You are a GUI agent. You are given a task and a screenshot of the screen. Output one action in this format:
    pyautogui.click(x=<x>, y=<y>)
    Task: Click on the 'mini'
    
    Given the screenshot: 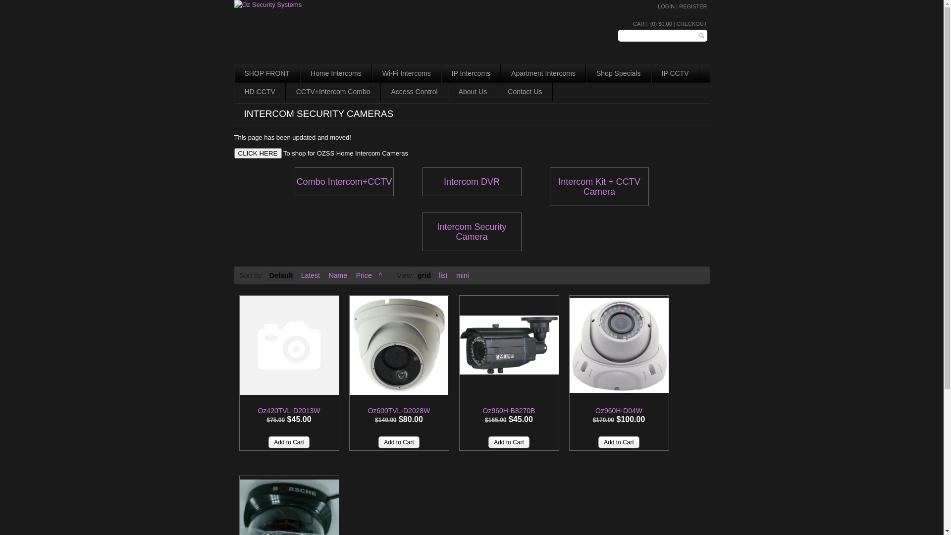 What is the action you would take?
    pyautogui.click(x=462, y=275)
    